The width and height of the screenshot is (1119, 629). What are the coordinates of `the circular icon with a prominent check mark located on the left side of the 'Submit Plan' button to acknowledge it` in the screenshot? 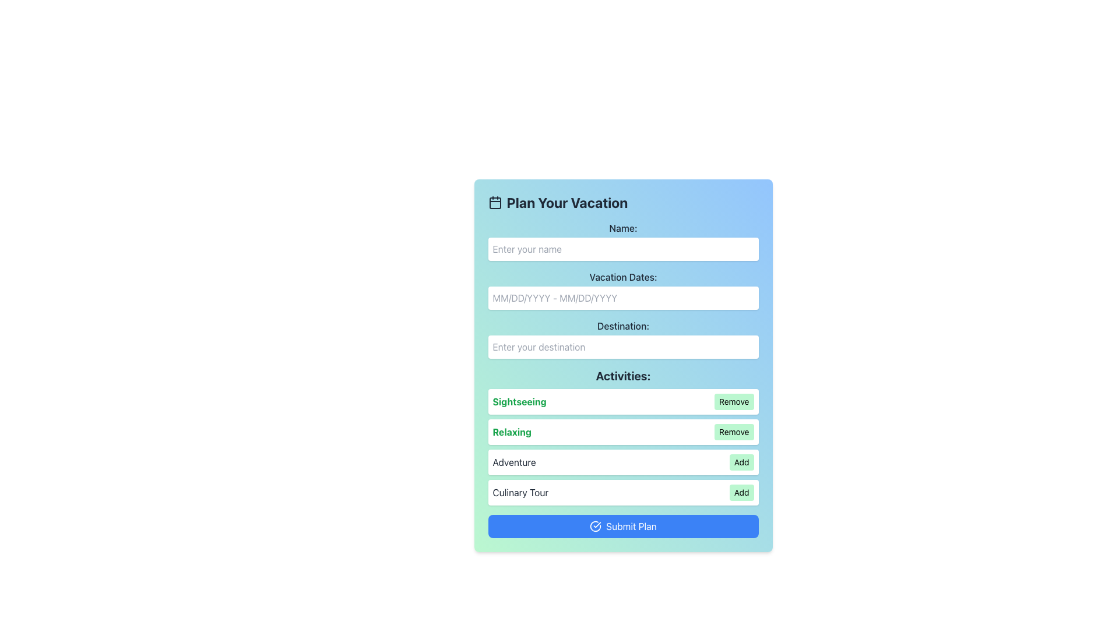 It's located at (596, 526).